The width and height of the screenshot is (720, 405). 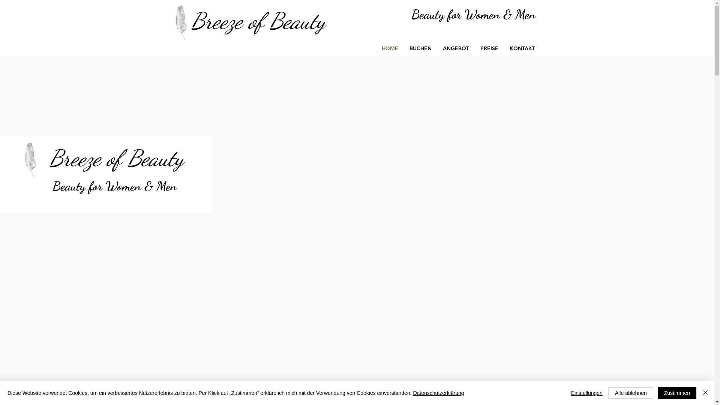 What do you see at coordinates (389, 48) in the screenshot?
I see `'HOME'` at bounding box center [389, 48].